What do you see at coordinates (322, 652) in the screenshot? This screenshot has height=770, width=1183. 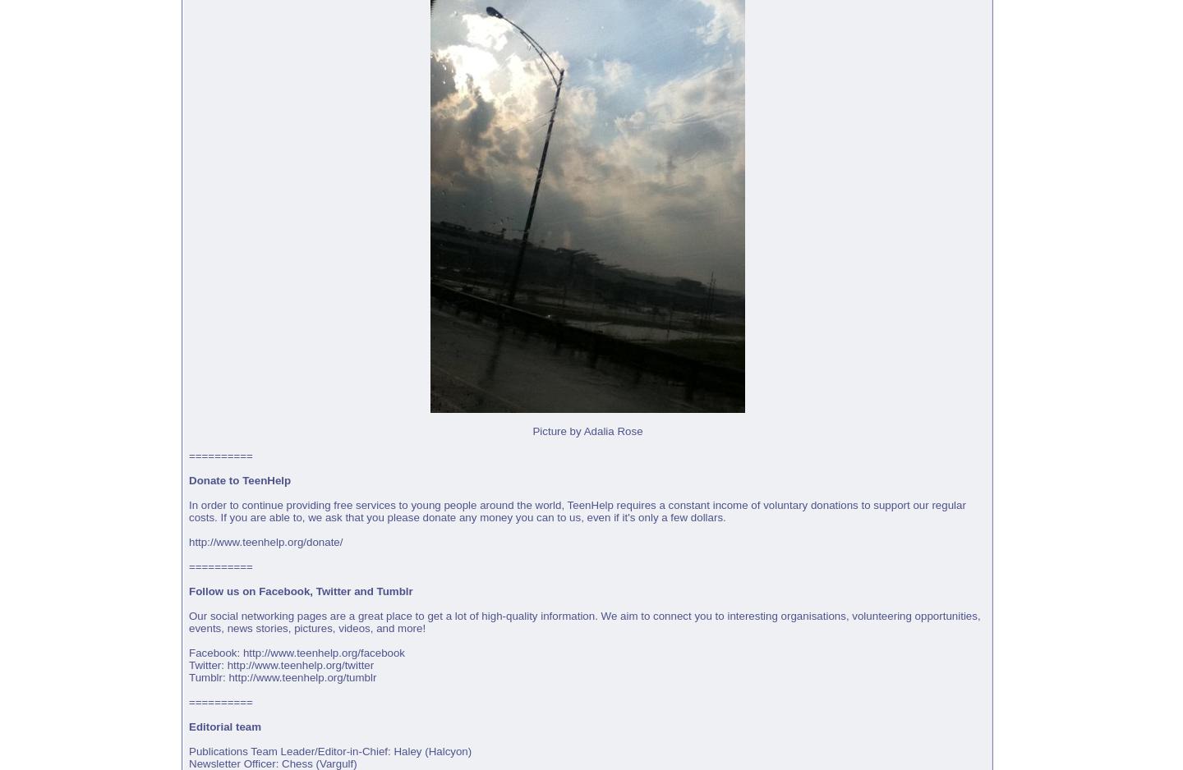 I see `'http://www.teenhelp.org/facebook'` at bounding box center [322, 652].